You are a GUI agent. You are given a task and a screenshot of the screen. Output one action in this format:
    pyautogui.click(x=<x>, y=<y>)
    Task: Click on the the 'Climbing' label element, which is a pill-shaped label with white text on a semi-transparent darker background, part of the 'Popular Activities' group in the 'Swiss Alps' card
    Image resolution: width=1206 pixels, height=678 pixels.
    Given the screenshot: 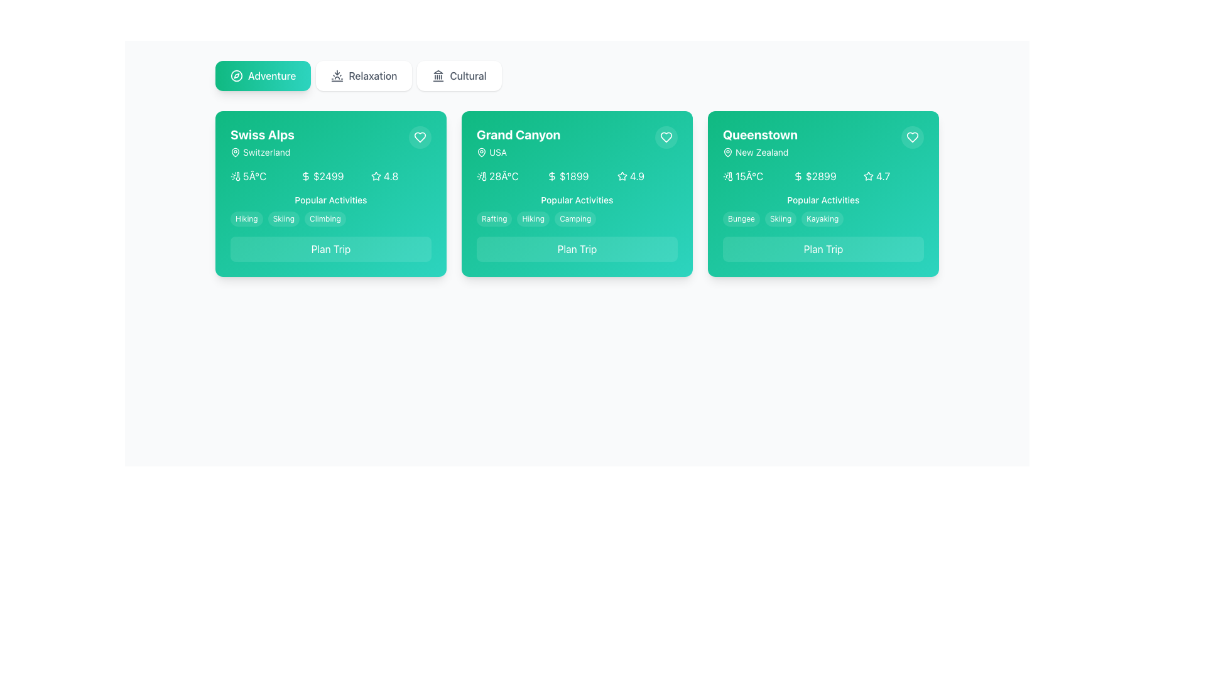 What is the action you would take?
    pyautogui.click(x=325, y=218)
    